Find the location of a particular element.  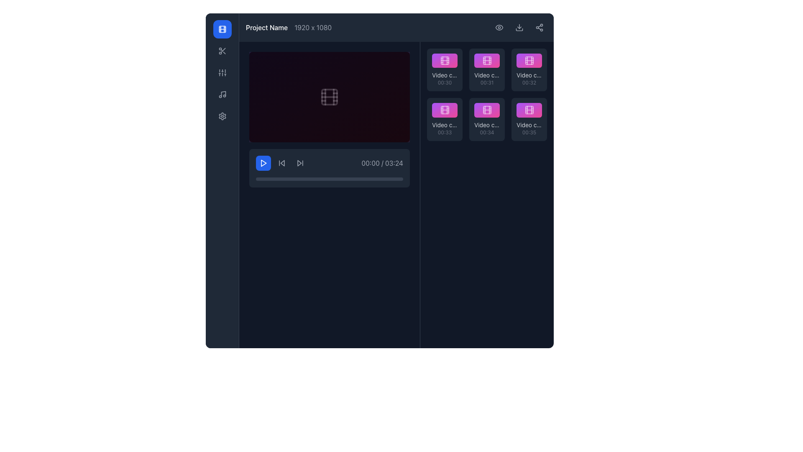

the triangular play icon located within the blue circular button on the left side of the media control bar is located at coordinates (263, 163).